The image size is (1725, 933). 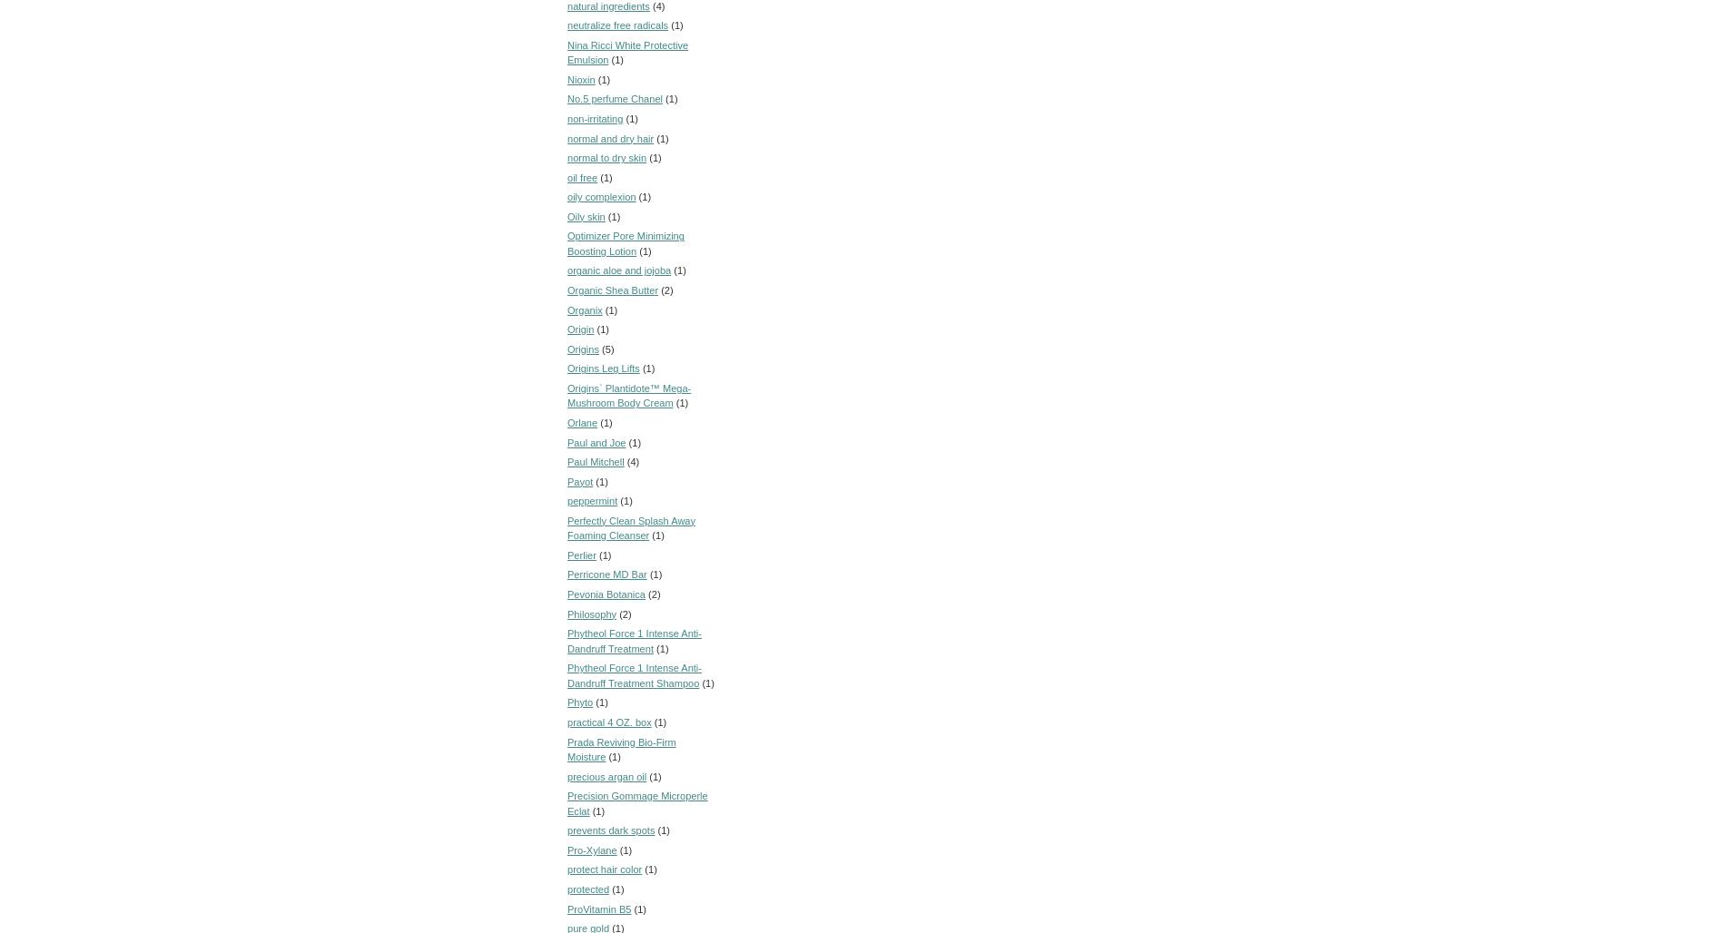 What do you see at coordinates (580, 77) in the screenshot?
I see `'Nioxin'` at bounding box center [580, 77].